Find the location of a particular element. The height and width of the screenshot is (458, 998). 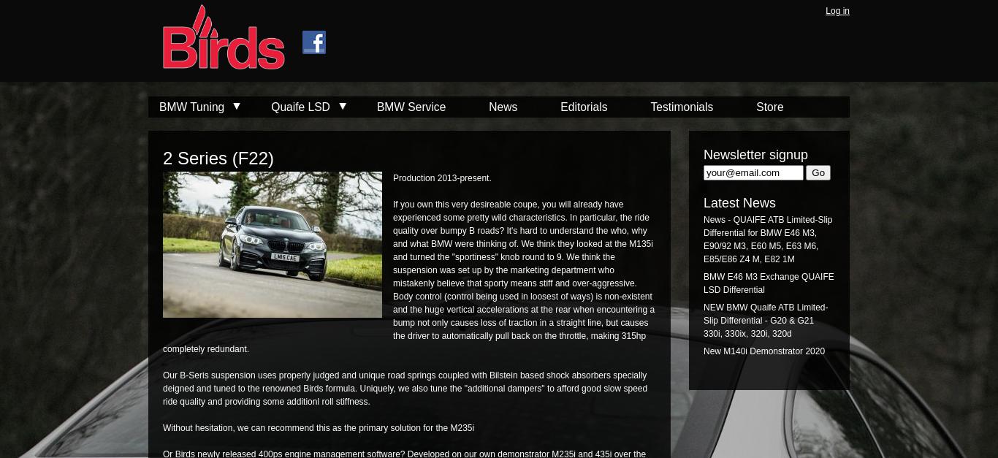

'Testimonials' is located at coordinates (681, 106).